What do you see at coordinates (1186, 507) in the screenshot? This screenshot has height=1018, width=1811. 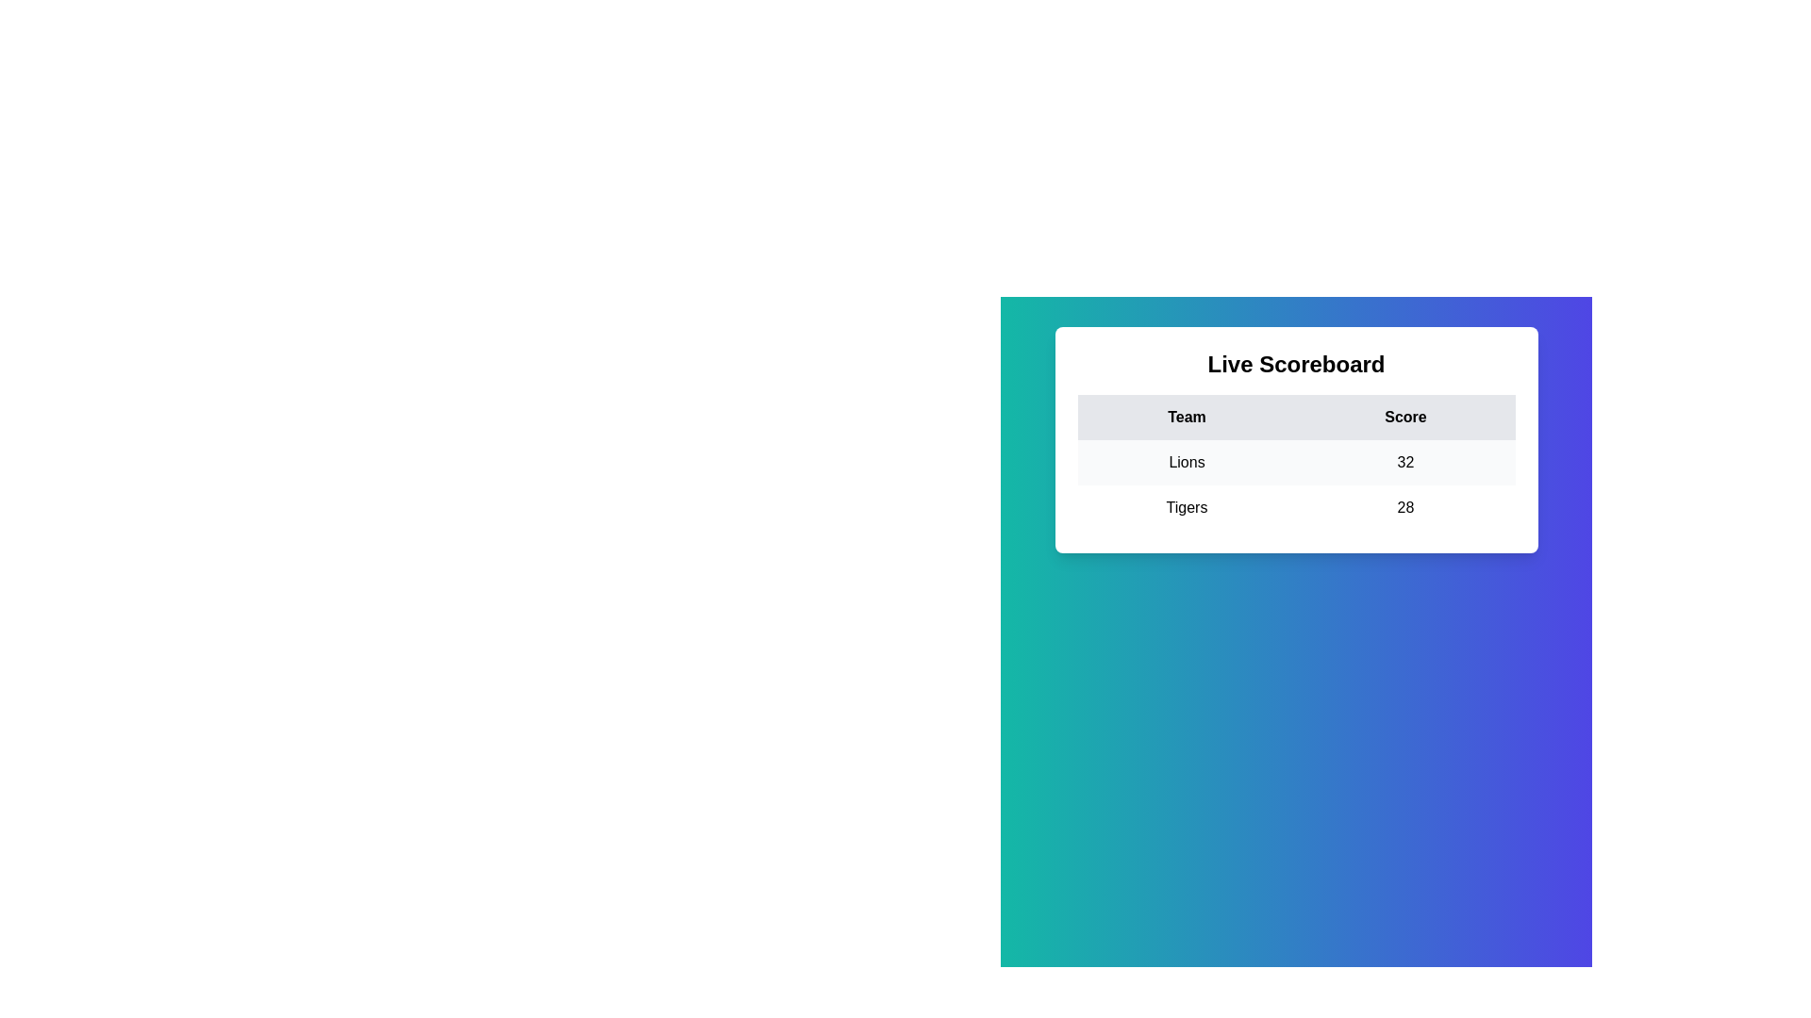 I see `the text label displaying 'Tigers' located in the first cell under the 'Team' column of the scoreboard row labeled 'Tigers28'` at bounding box center [1186, 507].